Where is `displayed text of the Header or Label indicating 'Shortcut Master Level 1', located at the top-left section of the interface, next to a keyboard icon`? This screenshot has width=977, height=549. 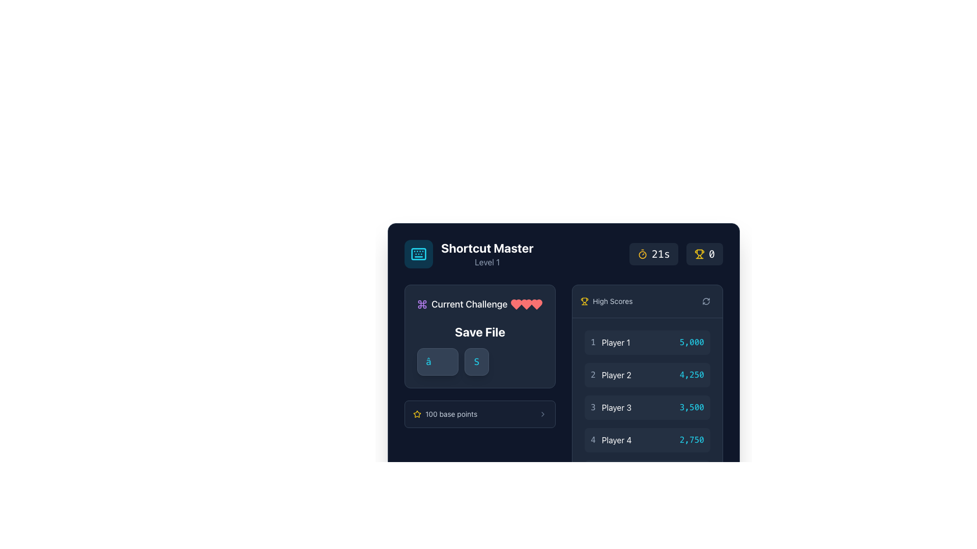
displayed text of the Header or Label indicating 'Shortcut Master Level 1', located at the top-left section of the interface, next to a keyboard icon is located at coordinates (486, 254).